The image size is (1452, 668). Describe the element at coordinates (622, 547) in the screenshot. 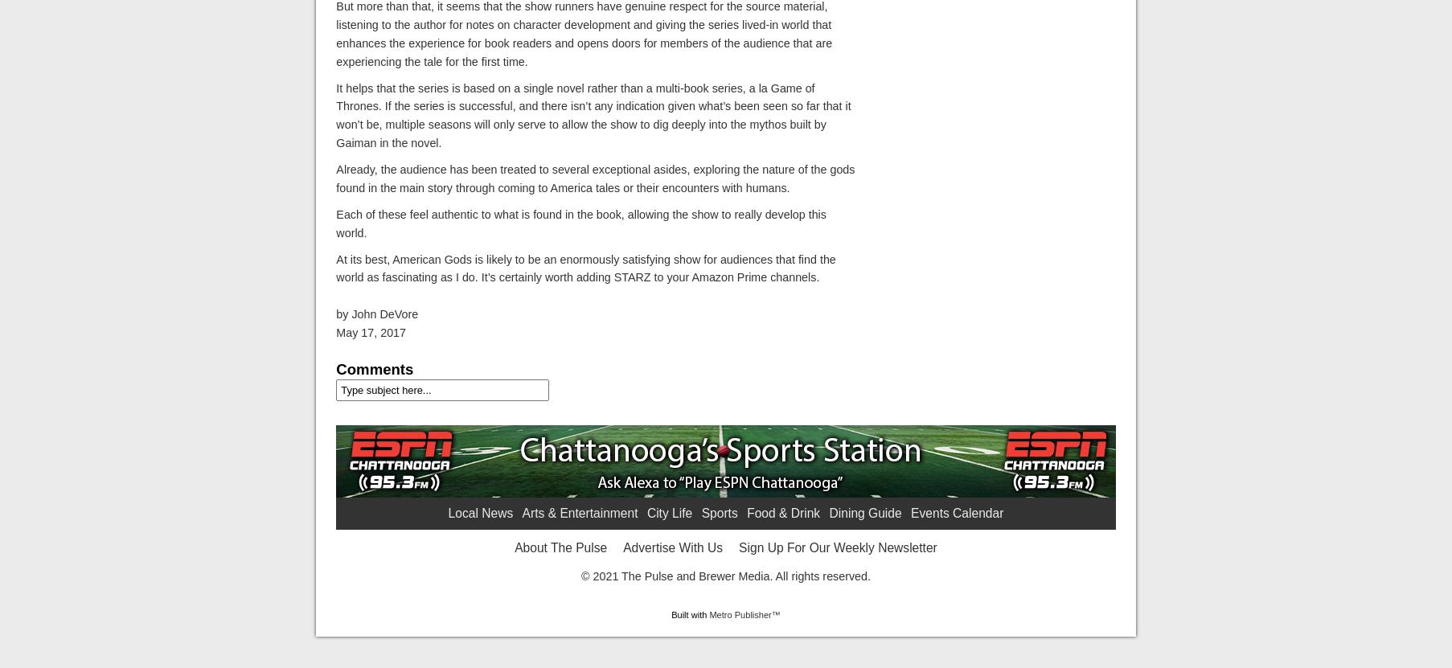

I see `'Advertise With Us'` at that location.